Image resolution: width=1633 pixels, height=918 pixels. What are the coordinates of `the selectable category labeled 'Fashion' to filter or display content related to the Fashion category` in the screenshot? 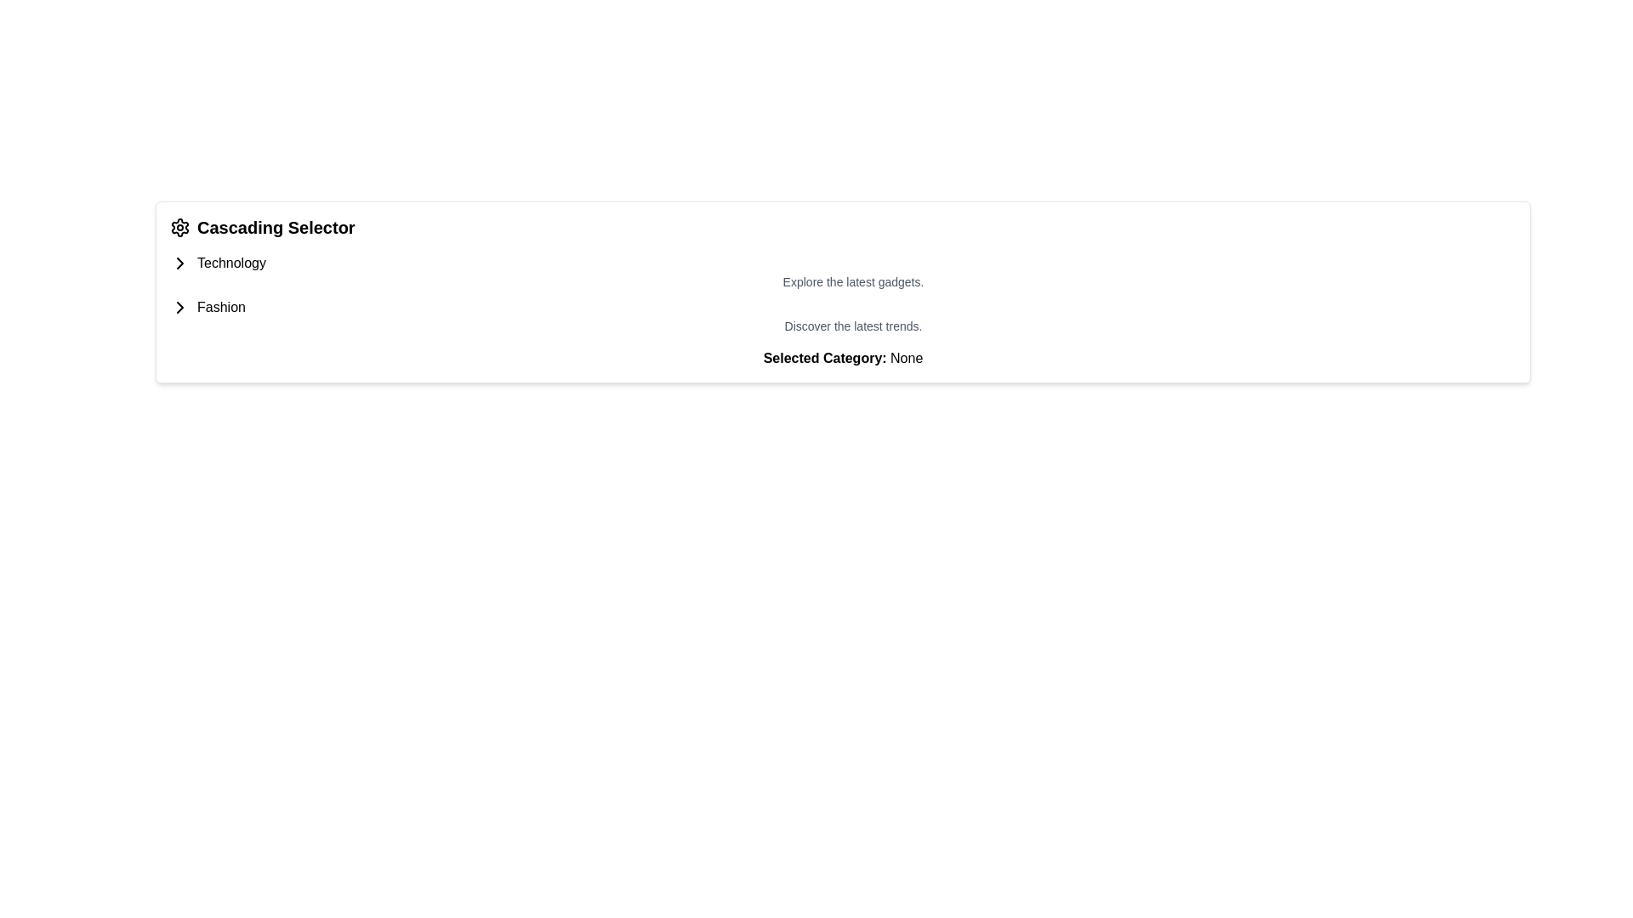 It's located at (220, 308).